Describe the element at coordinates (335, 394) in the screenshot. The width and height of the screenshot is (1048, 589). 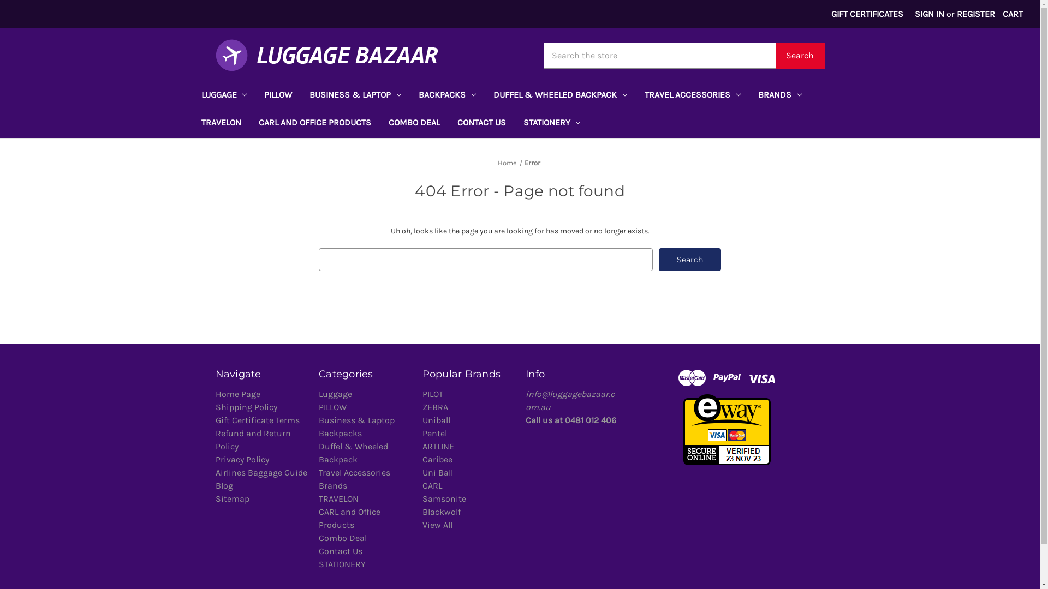
I see `'Luggage'` at that location.